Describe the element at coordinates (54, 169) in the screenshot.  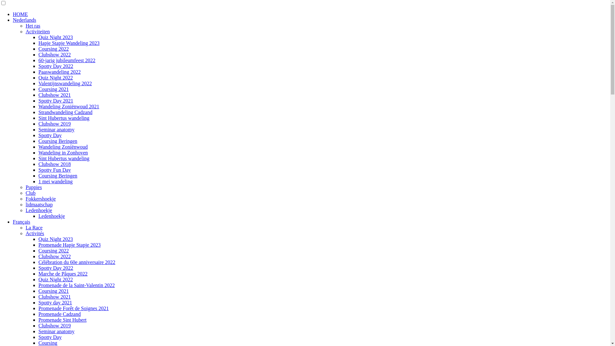
I see `'Spotty Fun Day'` at that location.